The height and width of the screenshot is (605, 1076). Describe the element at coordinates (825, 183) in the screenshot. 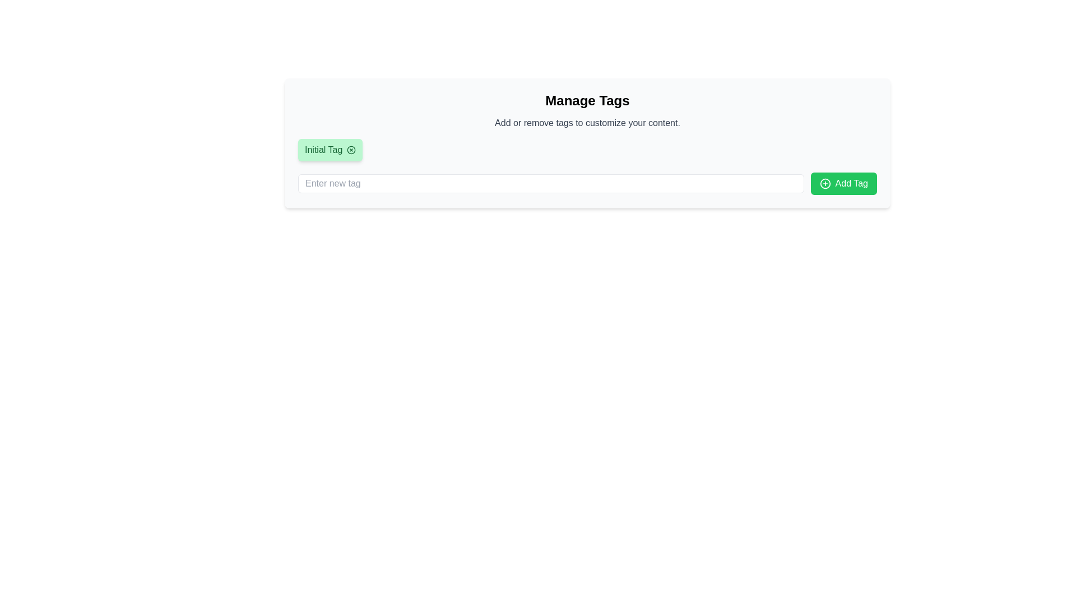

I see `the circular outer part of the 'Add Tag' button` at that location.